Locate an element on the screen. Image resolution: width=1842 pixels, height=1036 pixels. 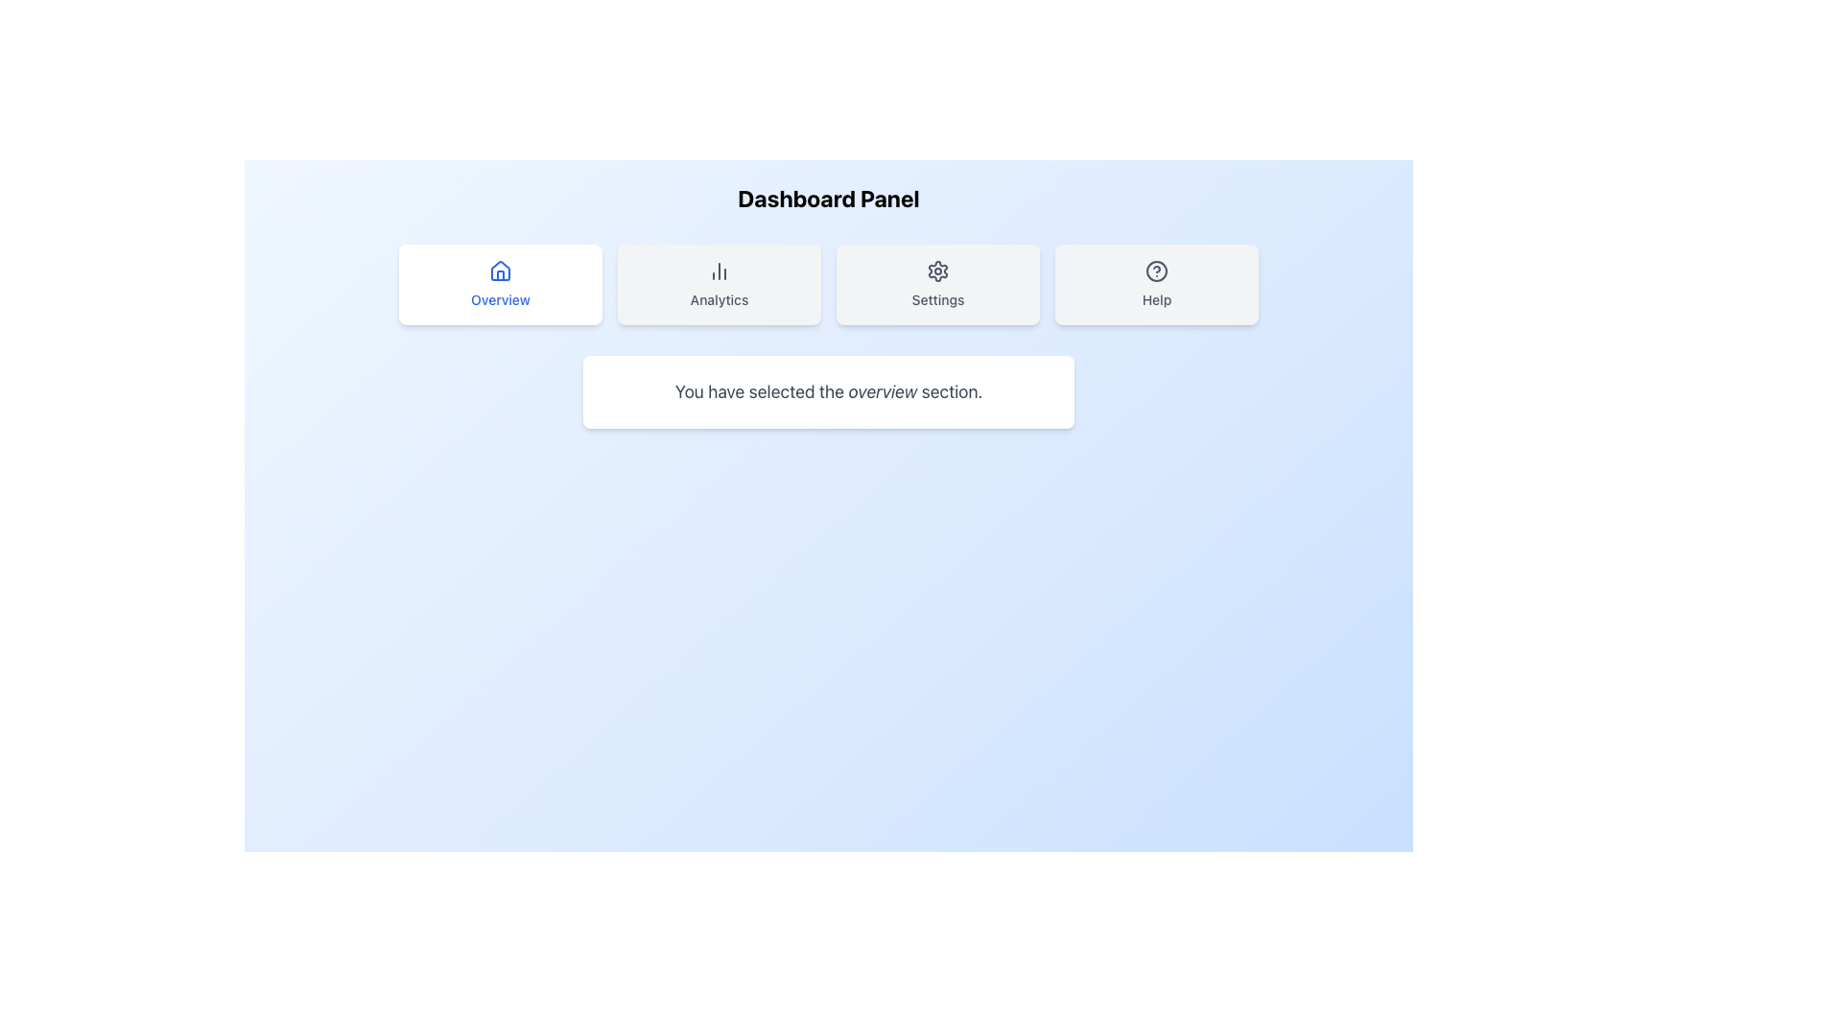
the circular SVG graphical shape that is part of the 'Help' button in the top-right section of the dashboard is located at coordinates (1155, 271).